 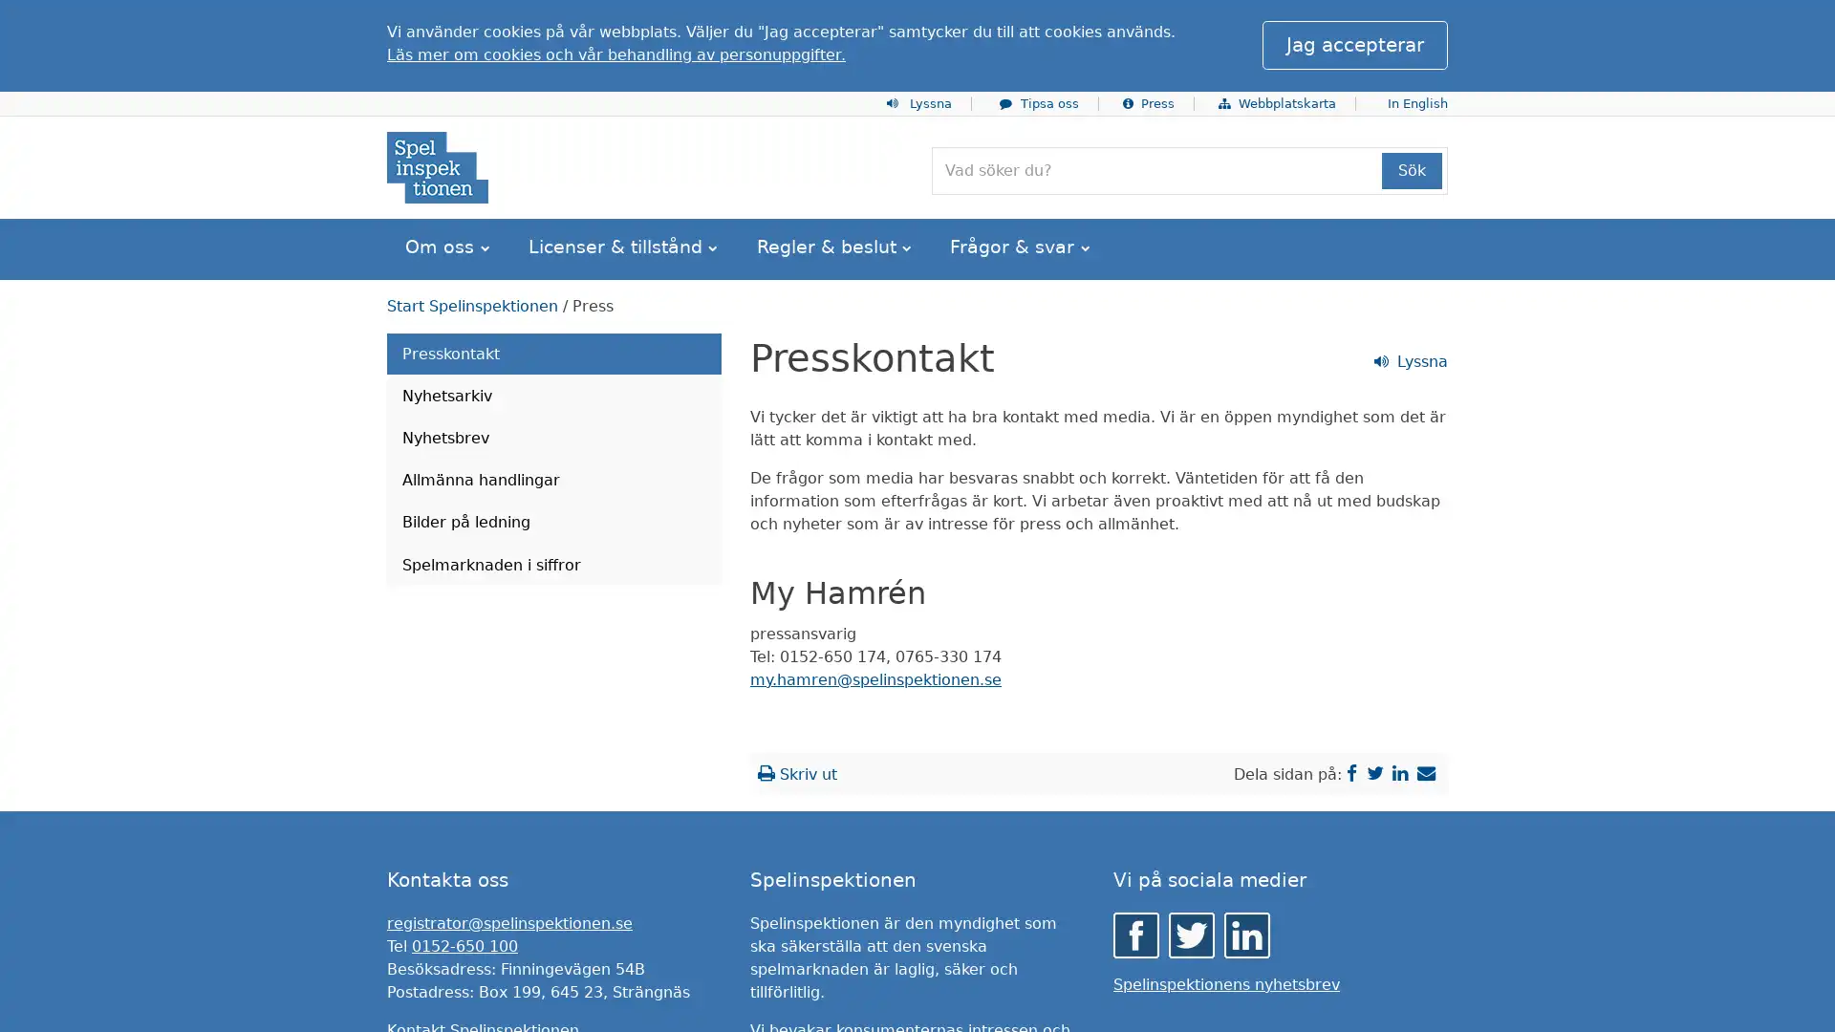 What do you see at coordinates (1353, 44) in the screenshot?
I see `Jag accepterar` at bounding box center [1353, 44].